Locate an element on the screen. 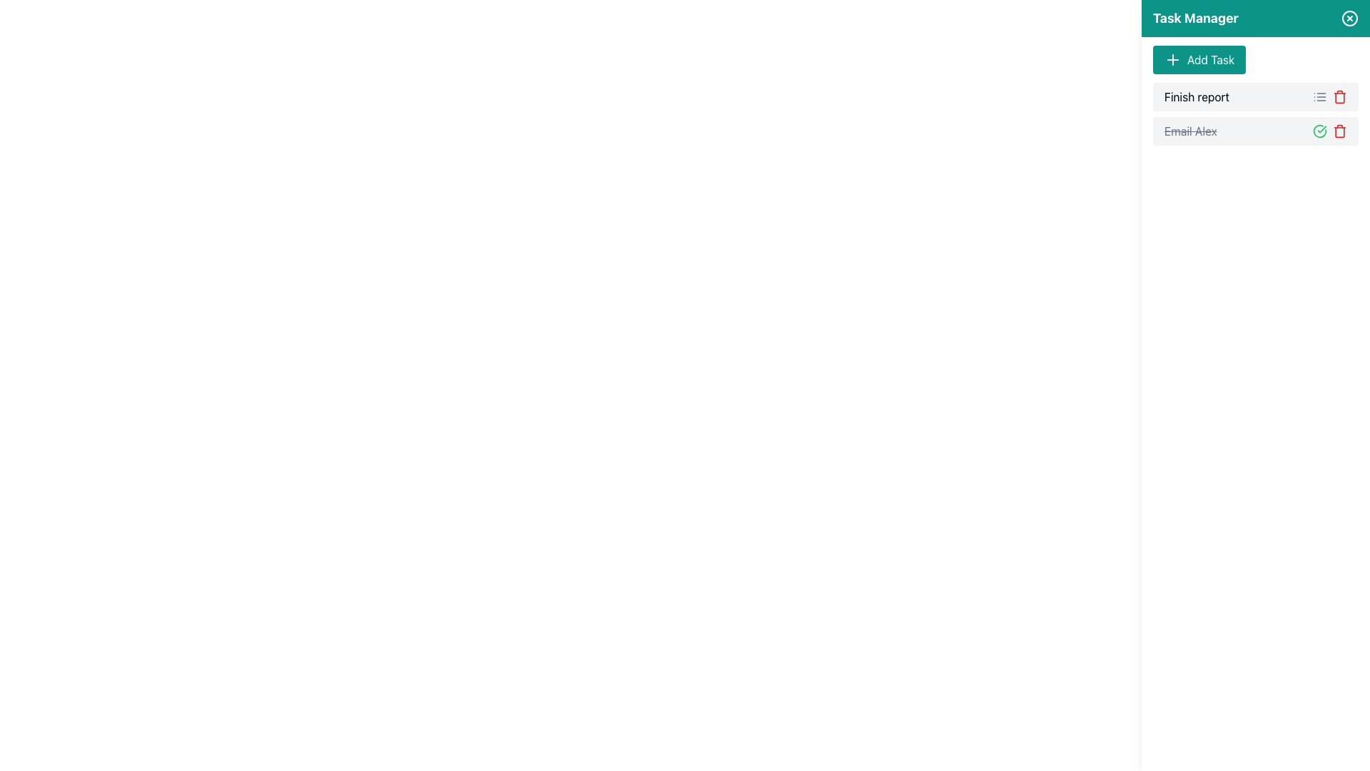  the red trash can icon button located to the right of the task titled 'Email Alex' is located at coordinates (1339, 96).